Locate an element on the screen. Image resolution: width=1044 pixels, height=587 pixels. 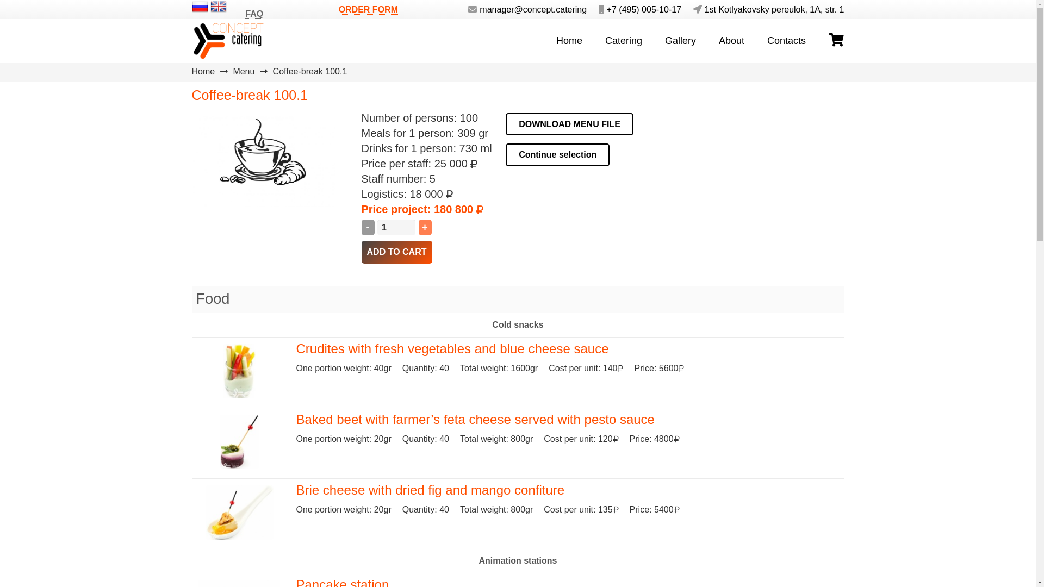
'Menu' is located at coordinates (243, 71).